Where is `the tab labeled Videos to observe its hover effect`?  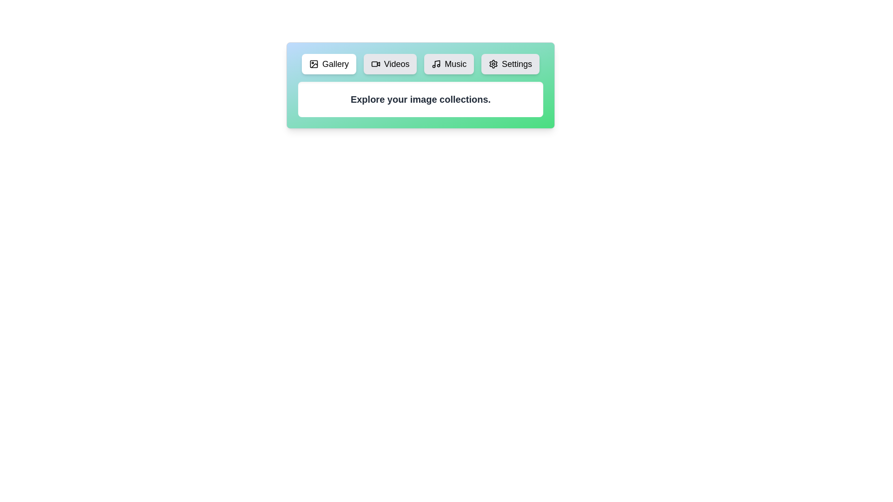 the tab labeled Videos to observe its hover effect is located at coordinates (390, 64).